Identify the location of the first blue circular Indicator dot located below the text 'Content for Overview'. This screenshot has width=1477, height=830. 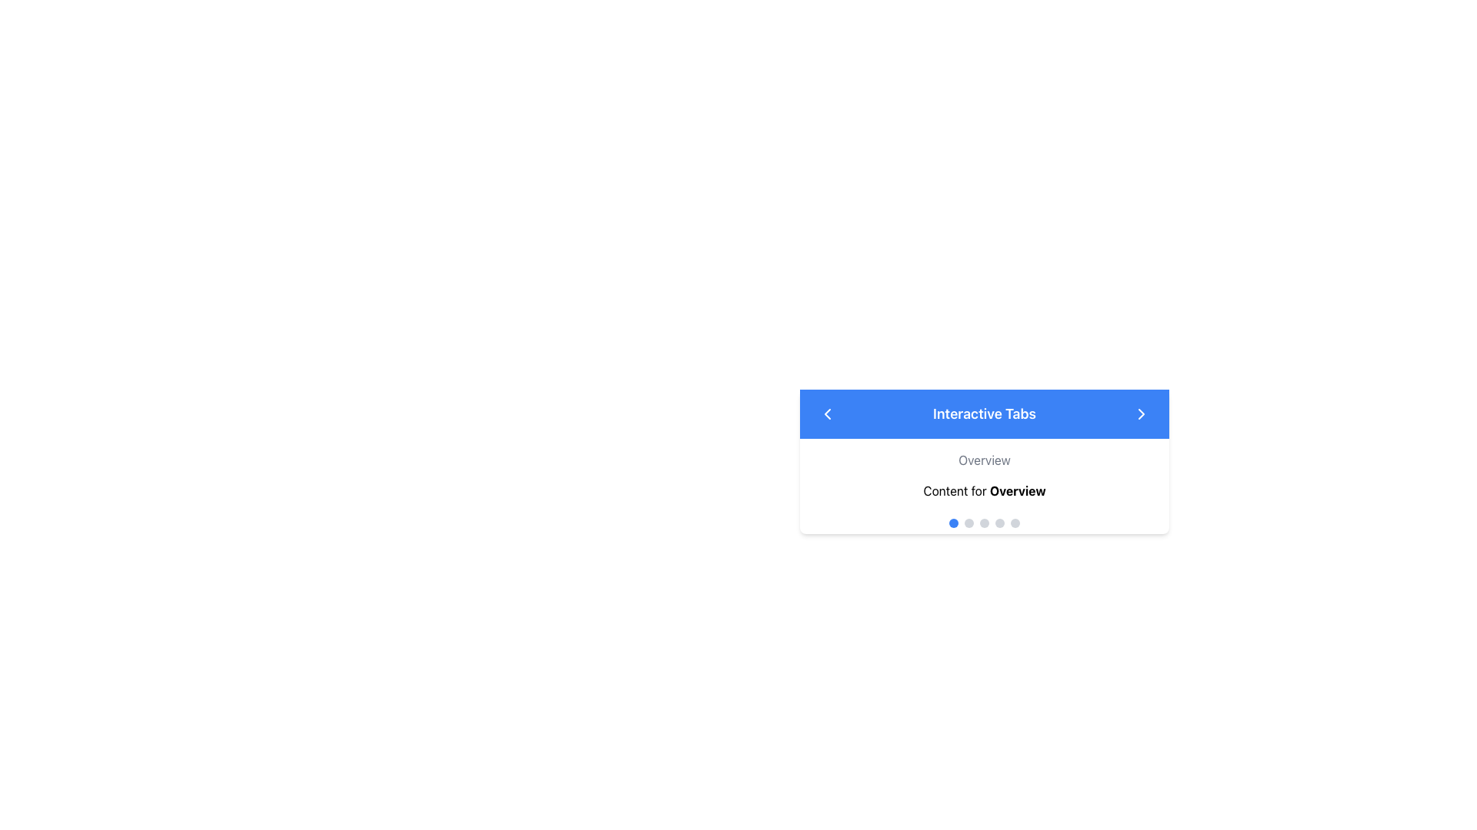
(952, 523).